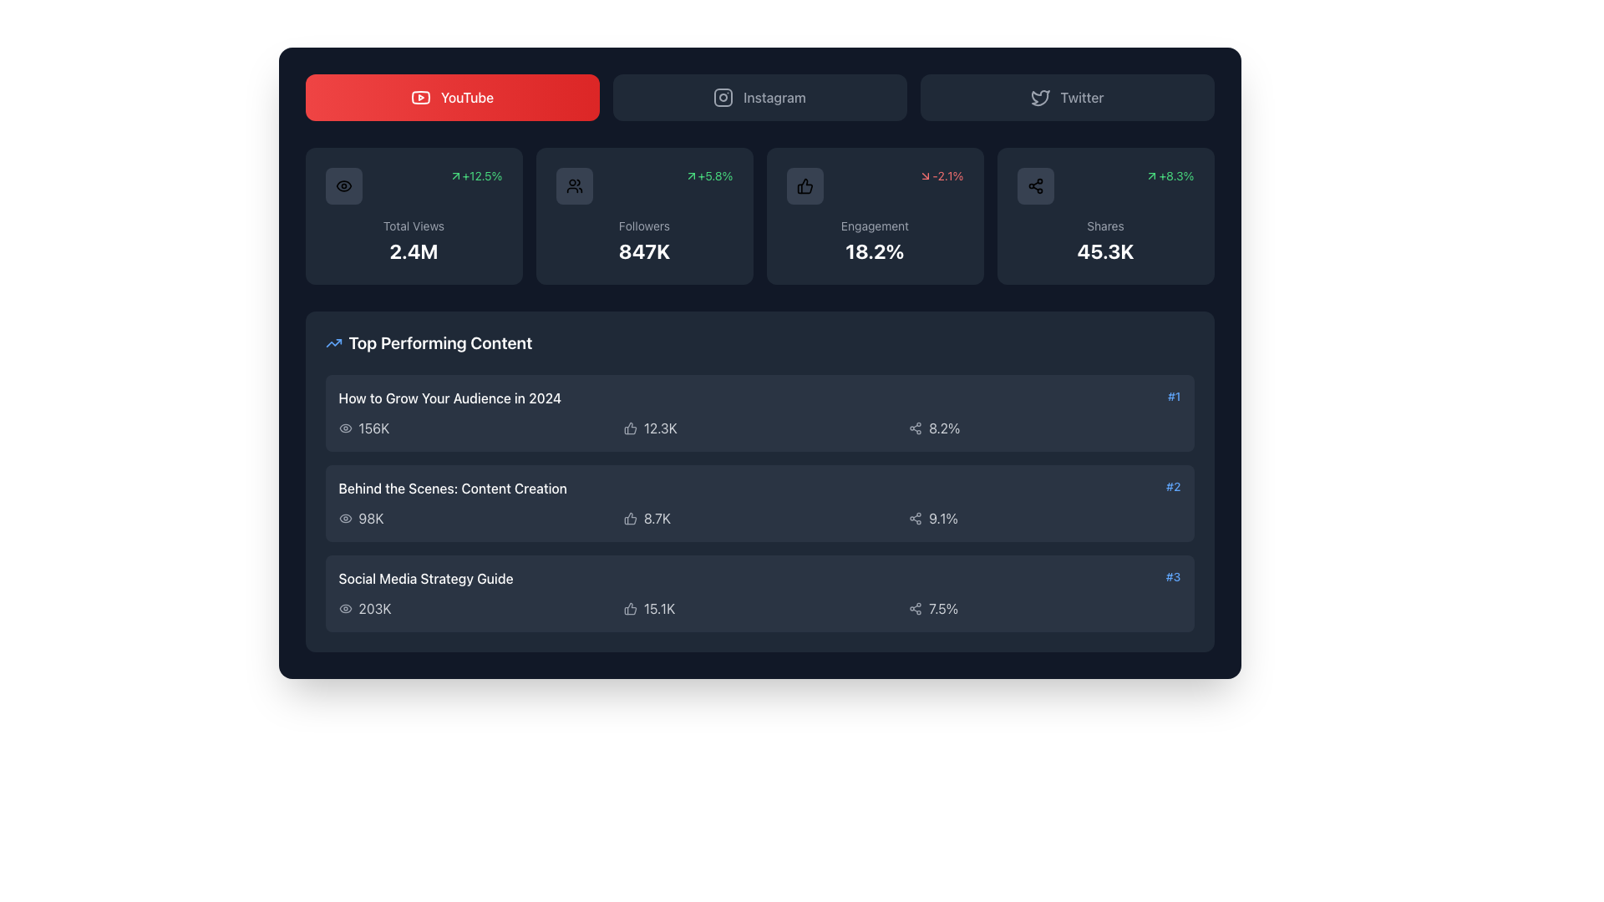 The image size is (1604, 902). I want to click on the Text Label displaying the number of views for the content titled 'How to Grow Your Audience in 2024', located in the 'Top Performing Content' section, so click(373, 428).